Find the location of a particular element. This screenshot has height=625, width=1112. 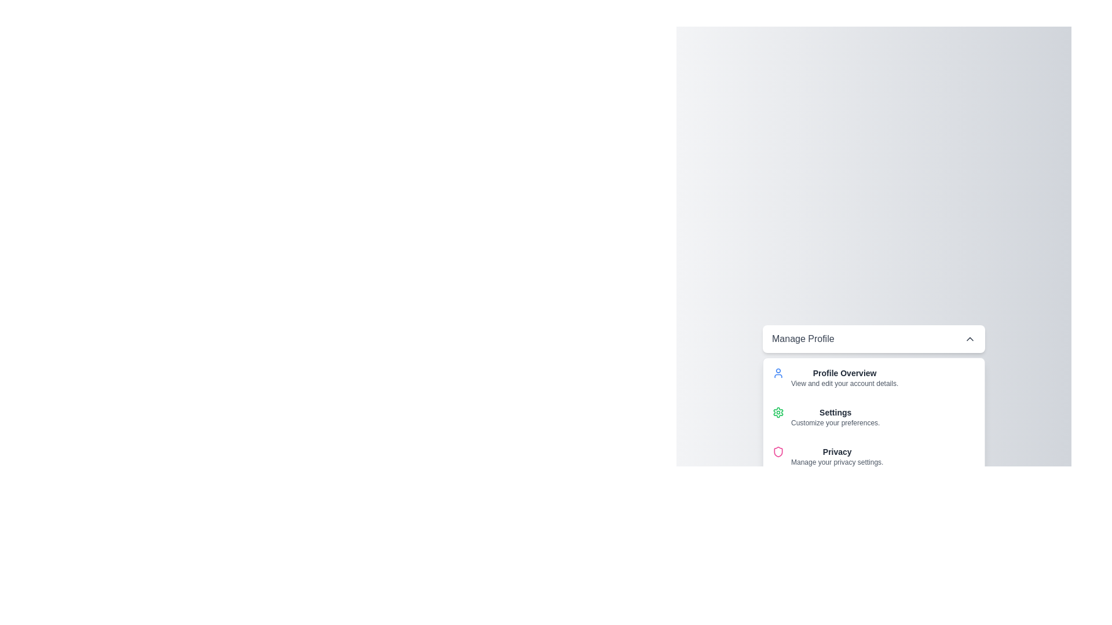

the auxiliary descriptive Label located below the 'Profile Overview' title in the 'Manage Profile' dropdown panel is located at coordinates (844, 384).